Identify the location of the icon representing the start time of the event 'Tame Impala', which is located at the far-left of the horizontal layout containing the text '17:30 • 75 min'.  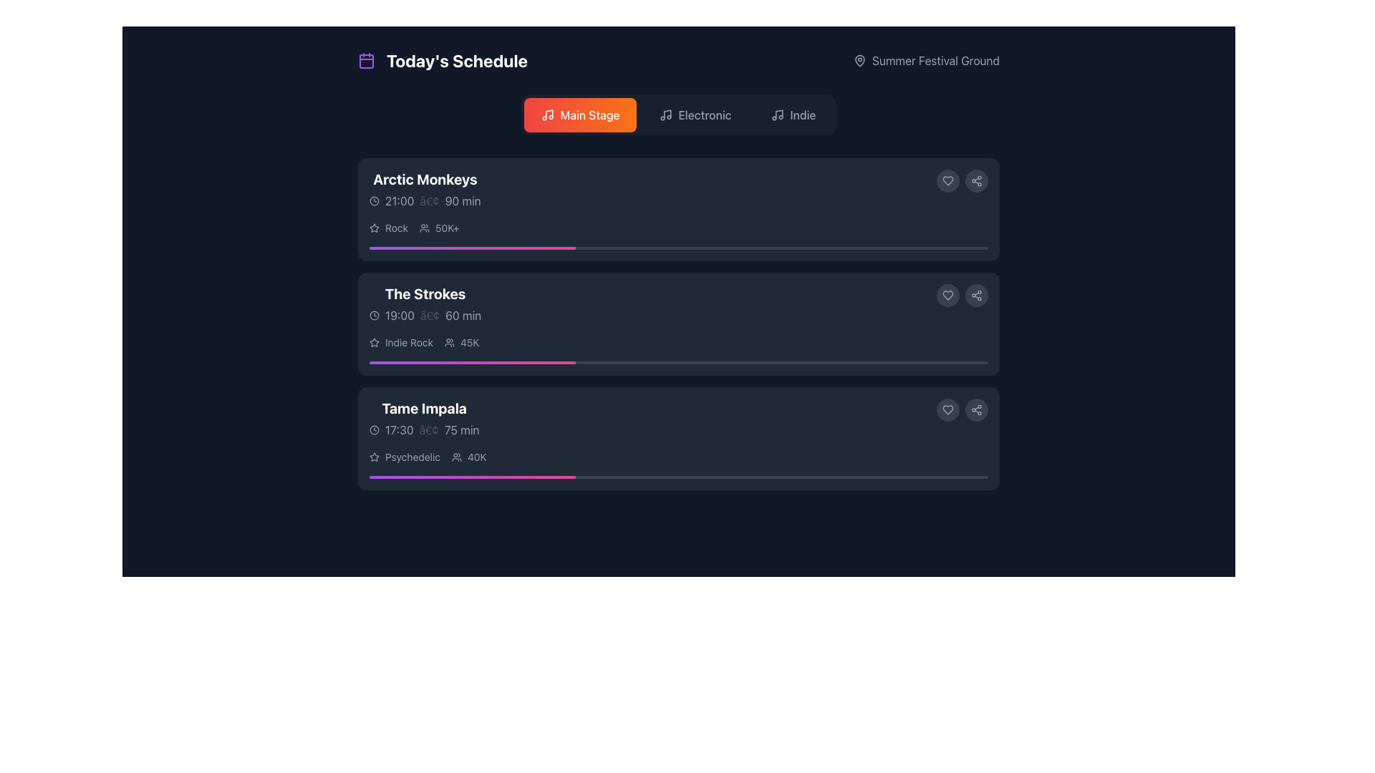
(375, 429).